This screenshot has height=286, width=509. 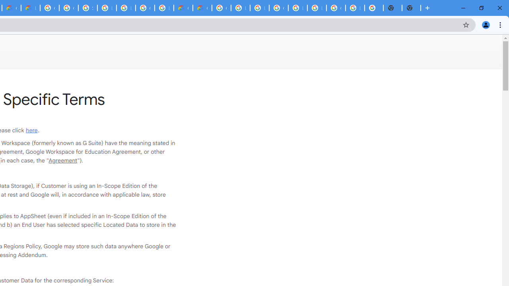 What do you see at coordinates (221, 8) in the screenshot?
I see `'Google Cloud Platform'` at bounding box center [221, 8].